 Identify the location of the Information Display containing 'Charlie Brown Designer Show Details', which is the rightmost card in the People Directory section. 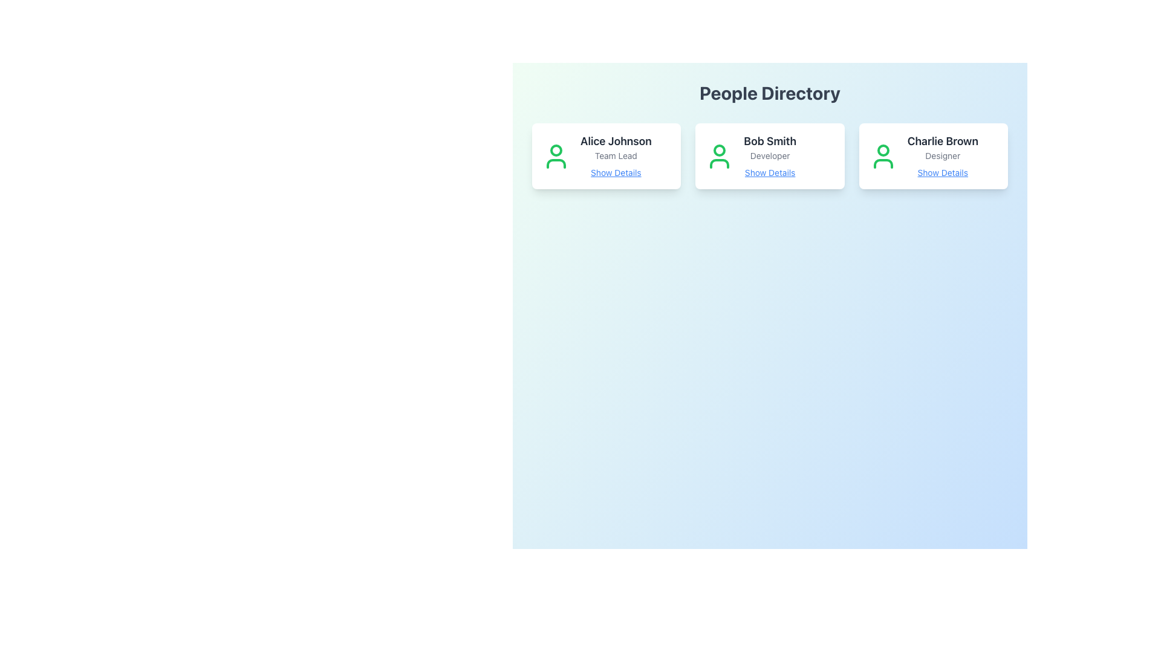
(942, 155).